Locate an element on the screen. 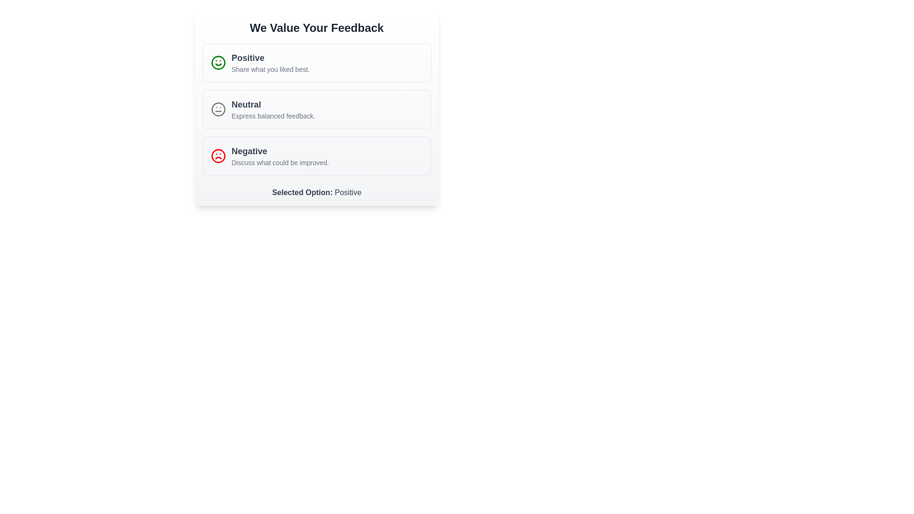  the circular outline of the neutral face icon, which is part of the second entry labeled 'Neutral' is located at coordinates (218, 109).